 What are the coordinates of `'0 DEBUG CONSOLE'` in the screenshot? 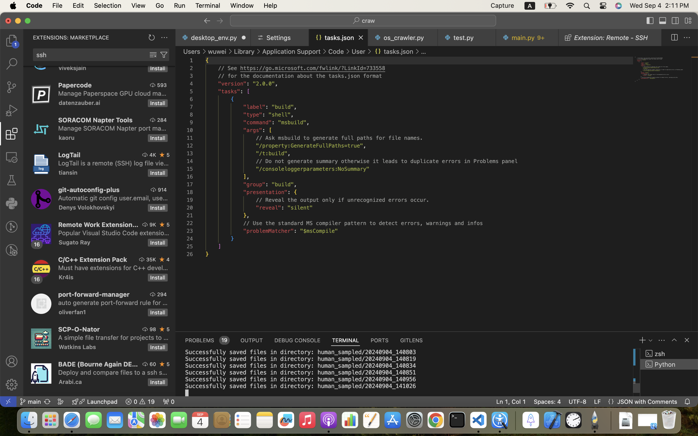 It's located at (297, 340).